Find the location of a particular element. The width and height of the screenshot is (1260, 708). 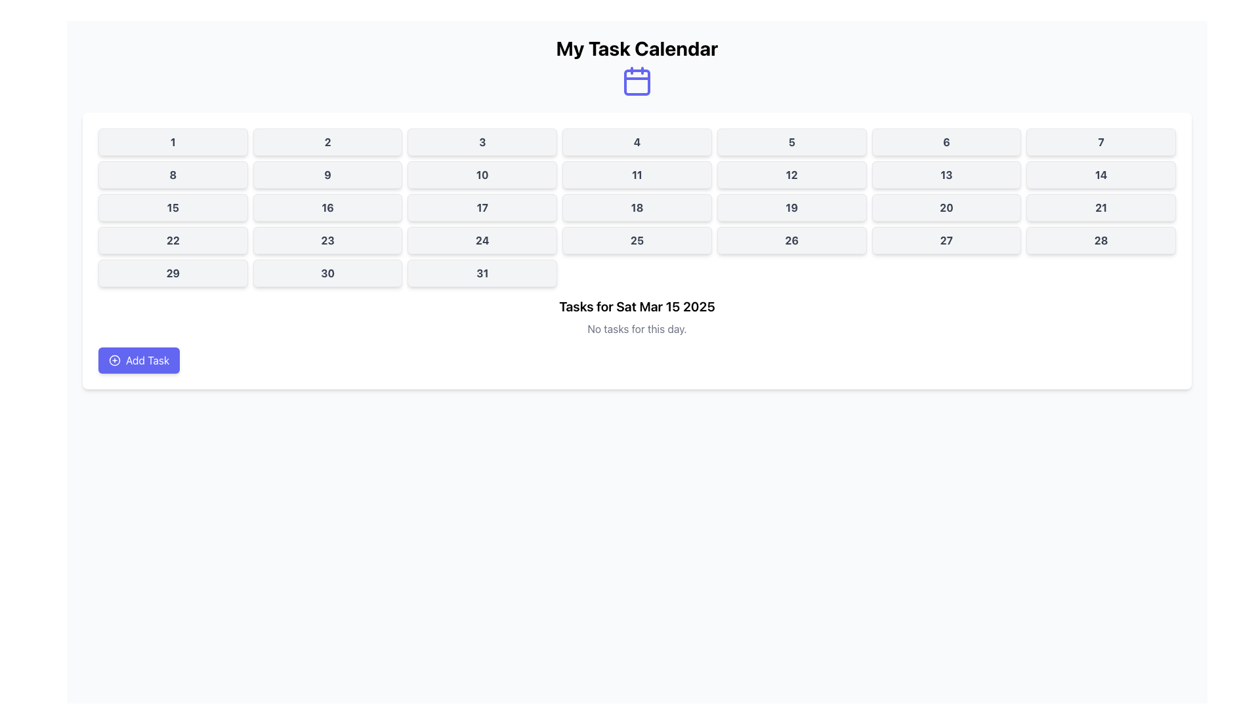

the selectable day button in the calendar interface located in the last row, second column from the left is located at coordinates (327, 272).